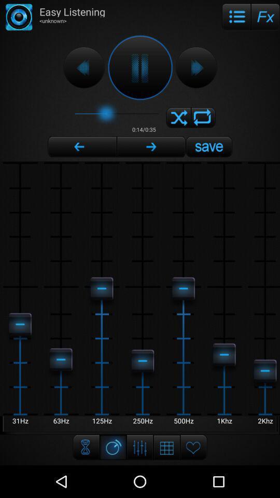 The height and width of the screenshot is (498, 280). What do you see at coordinates (236, 18) in the screenshot?
I see `the list icon` at bounding box center [236, 18].